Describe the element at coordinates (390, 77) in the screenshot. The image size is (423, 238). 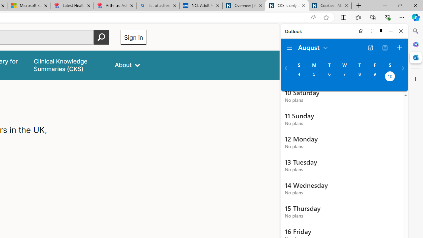
I see `'Saturday, August 10, 2024. Date selected. '` at that location.